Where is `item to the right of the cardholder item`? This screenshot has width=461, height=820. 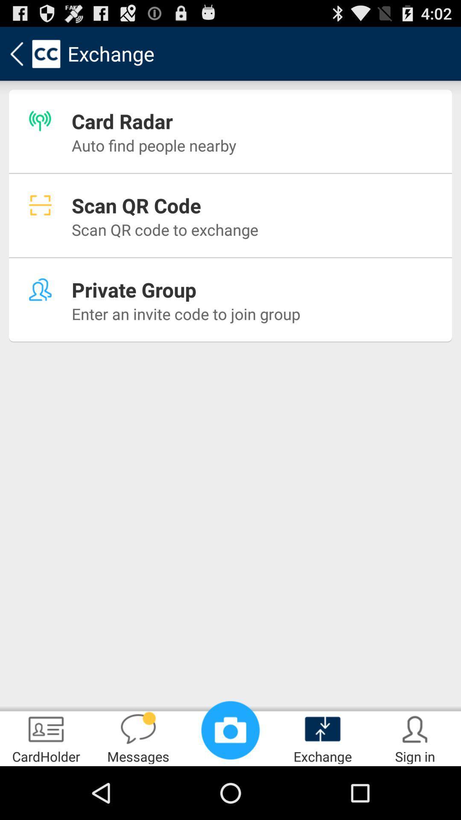 item to the right of the cardholder item is located at coordinates (138, 737).